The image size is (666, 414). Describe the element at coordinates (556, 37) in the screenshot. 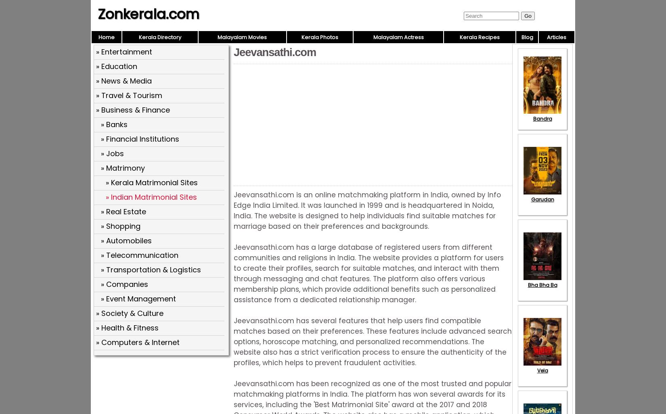

I see `'Articles'` at that location.